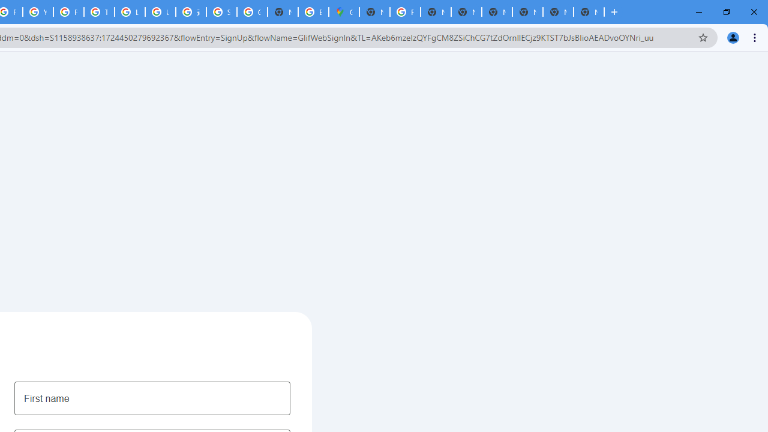  I want to click on 'New Tab', so click(614, 12).